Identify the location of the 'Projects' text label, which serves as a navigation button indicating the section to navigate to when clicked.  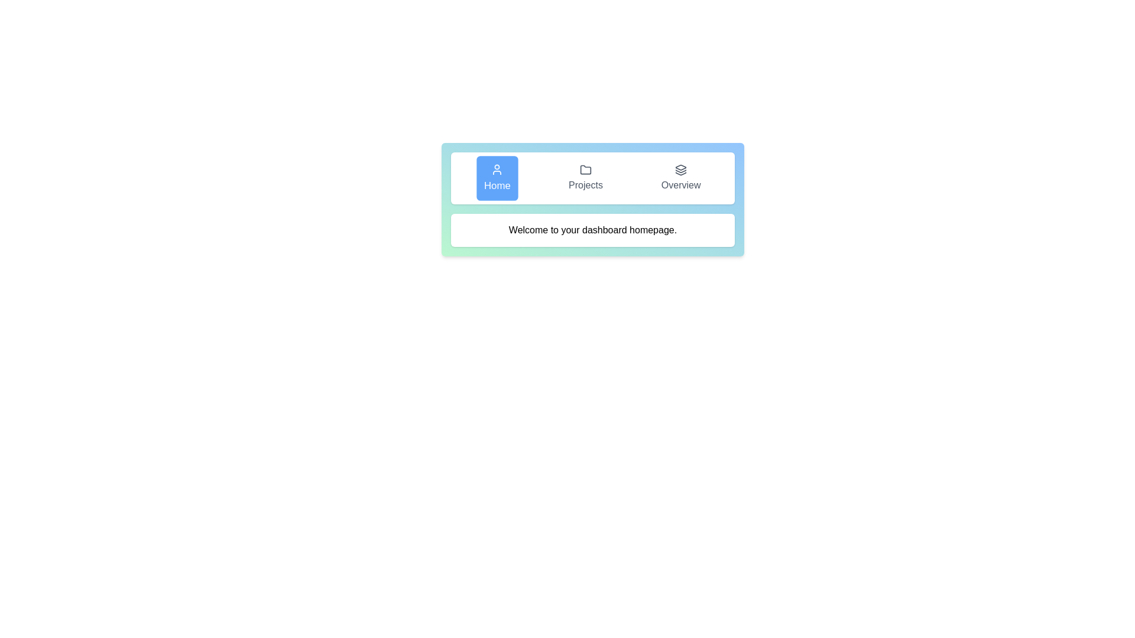
(585, 185).